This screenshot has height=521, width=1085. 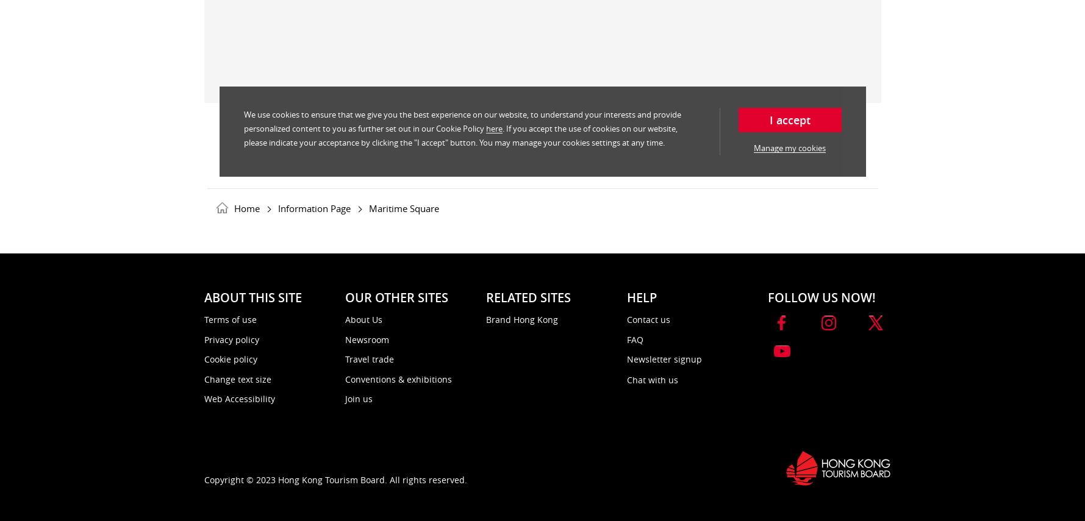 I want to click on 'Newsroom', so click(x=366, y=339).